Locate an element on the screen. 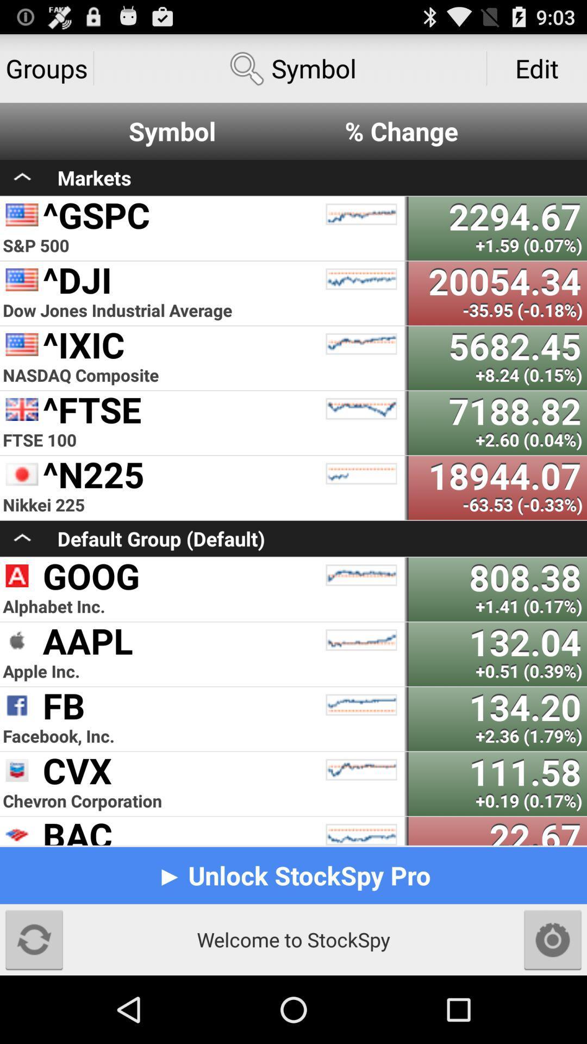  refresh screen is located at coordinates (33, 939).